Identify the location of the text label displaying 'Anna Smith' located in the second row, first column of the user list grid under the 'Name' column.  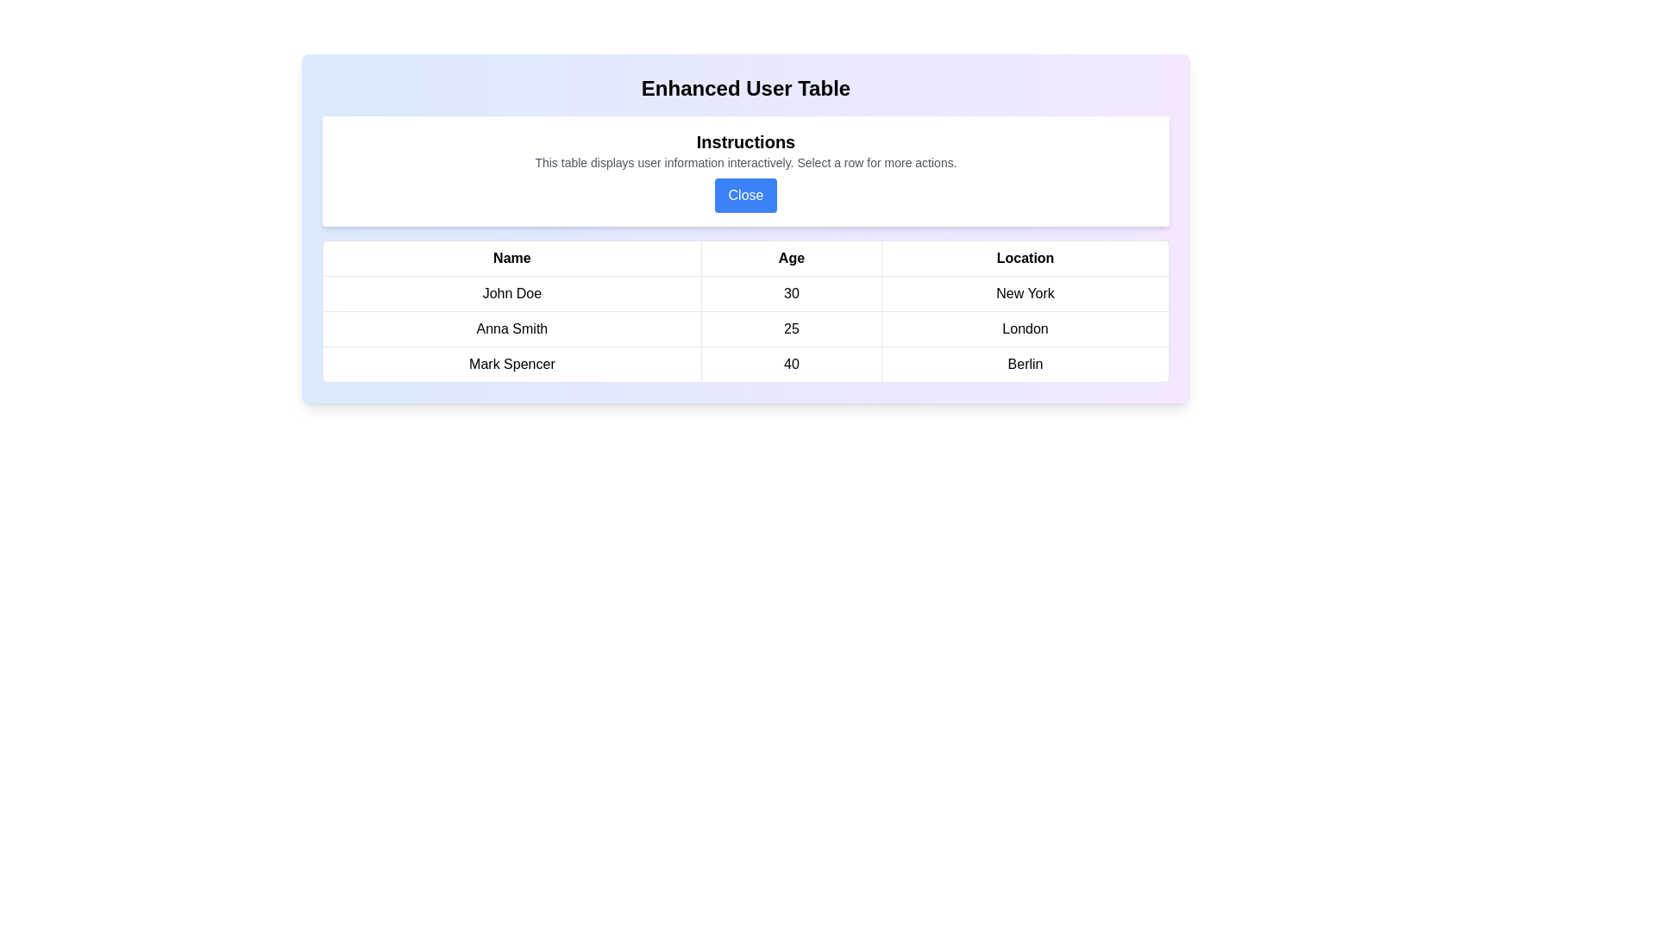
(511, 328).